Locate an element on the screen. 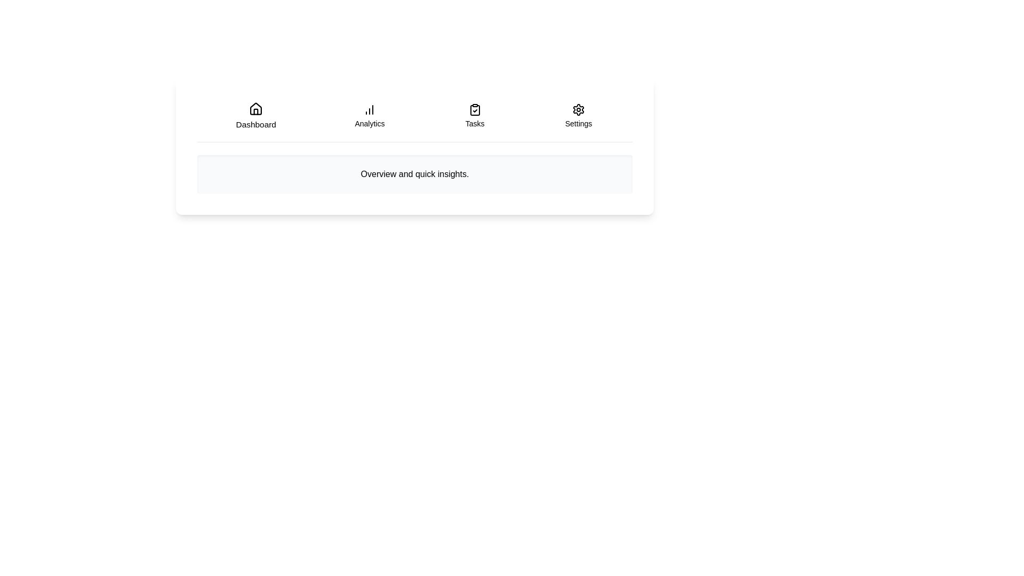  the 'Tasks' icon button in the navigation bar is located at coordinates (474, 109).